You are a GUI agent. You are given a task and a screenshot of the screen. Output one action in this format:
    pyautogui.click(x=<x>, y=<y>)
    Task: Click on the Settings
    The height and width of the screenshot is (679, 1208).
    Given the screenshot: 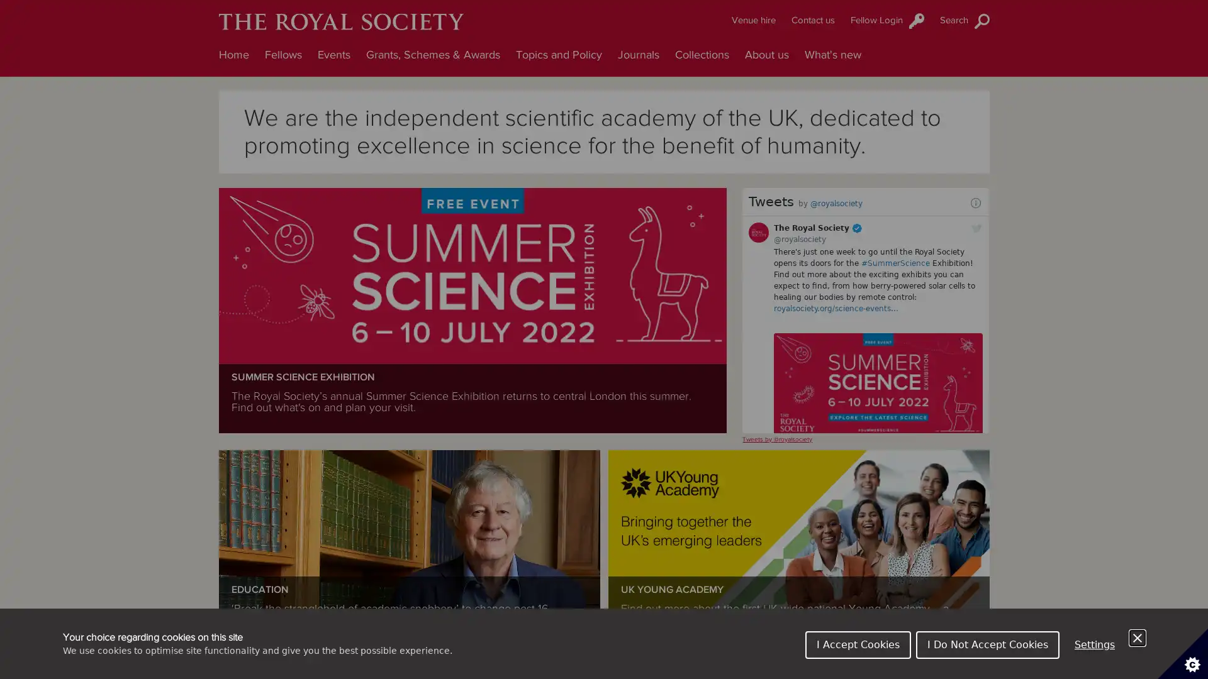 What is the action you would take?
    pyautogui.click(x=1093, y=645)
    